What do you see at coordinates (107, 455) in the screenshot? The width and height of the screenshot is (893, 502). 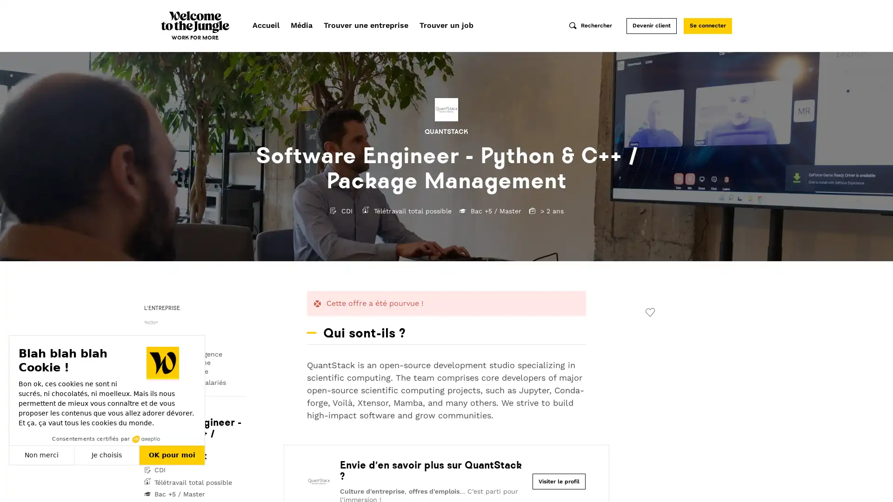 I see `Je choisis` at bounding box center [107, 455].